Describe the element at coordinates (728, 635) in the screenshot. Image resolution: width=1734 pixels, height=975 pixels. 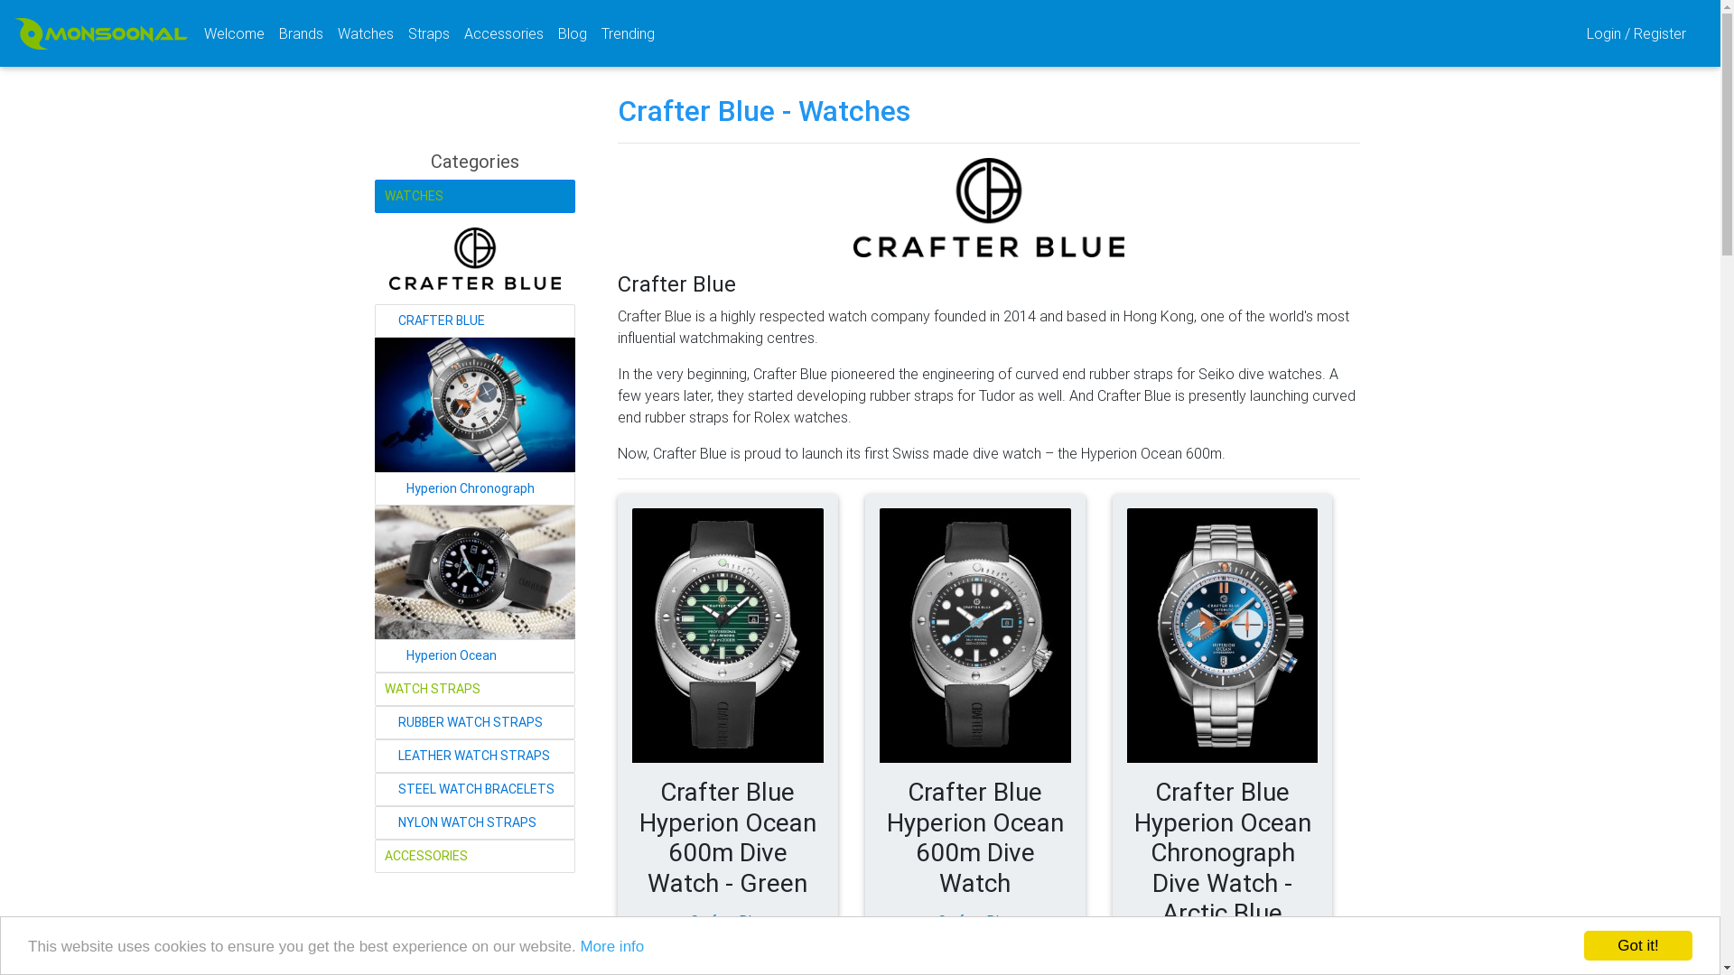
I see `'Crafter Blue Hyperion Ocean 600m Dive Watch - Green'` at that location.